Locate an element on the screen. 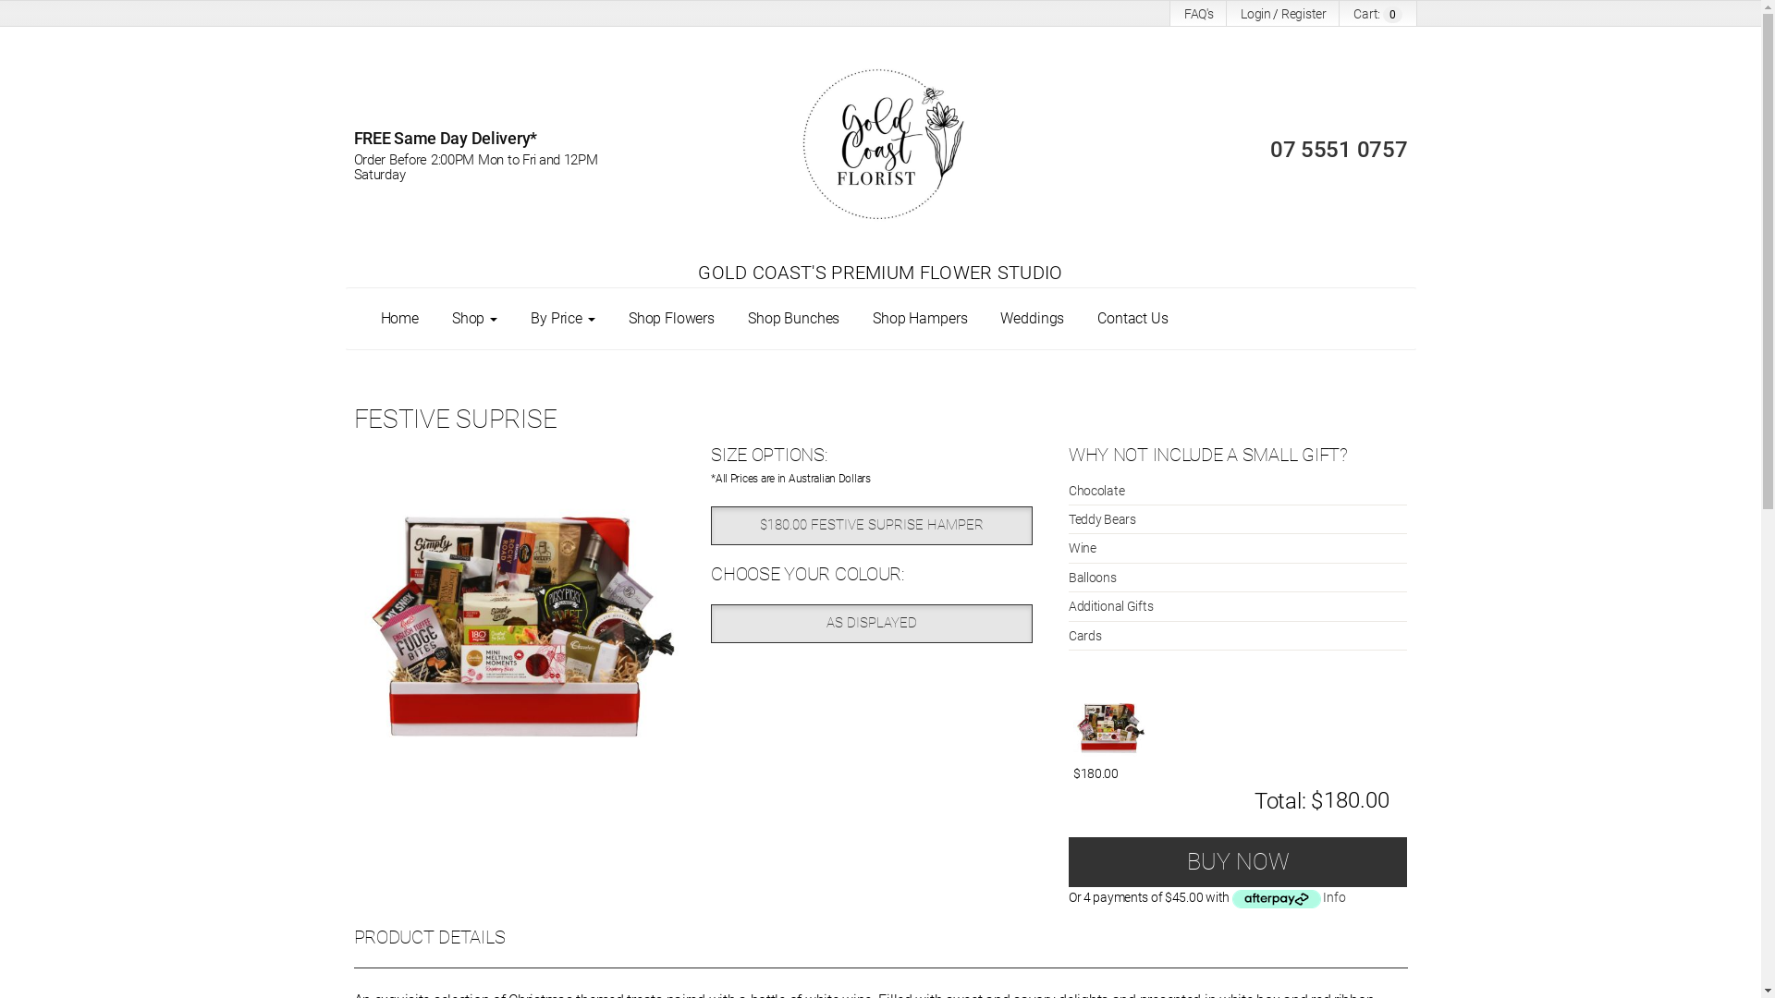  'Home' is located at coordinates (363, 317).